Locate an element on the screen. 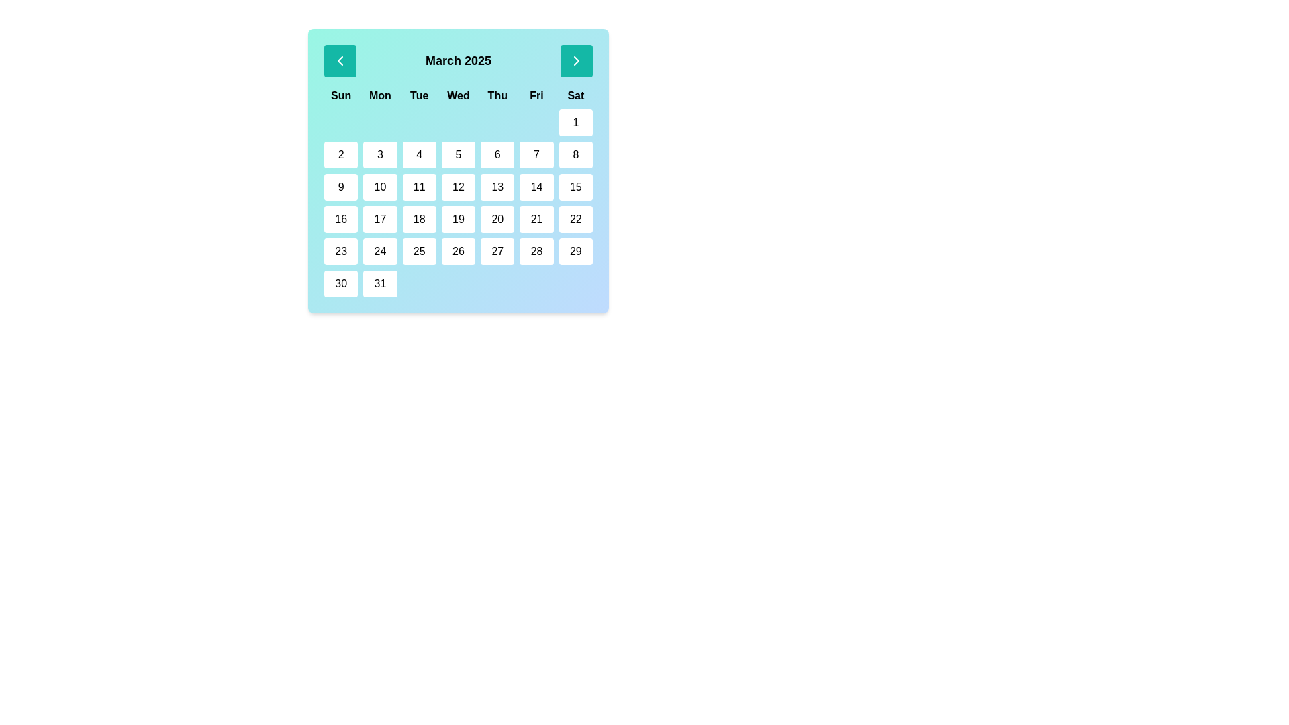 This screenshot has width=1289, height=725. the second calendar grid cell located in the first row and second column labeled 'Monday' is located at coordinates (379, 122).